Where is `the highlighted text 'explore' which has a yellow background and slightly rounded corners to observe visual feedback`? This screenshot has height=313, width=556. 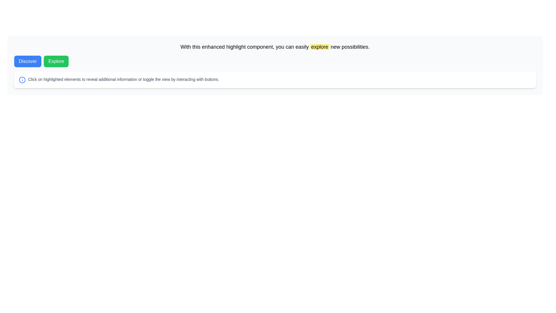
the highlighted text 'explore' which has a yellow background and slightly rounded corners to observe visual feedback is located at coordinates (319, 47).